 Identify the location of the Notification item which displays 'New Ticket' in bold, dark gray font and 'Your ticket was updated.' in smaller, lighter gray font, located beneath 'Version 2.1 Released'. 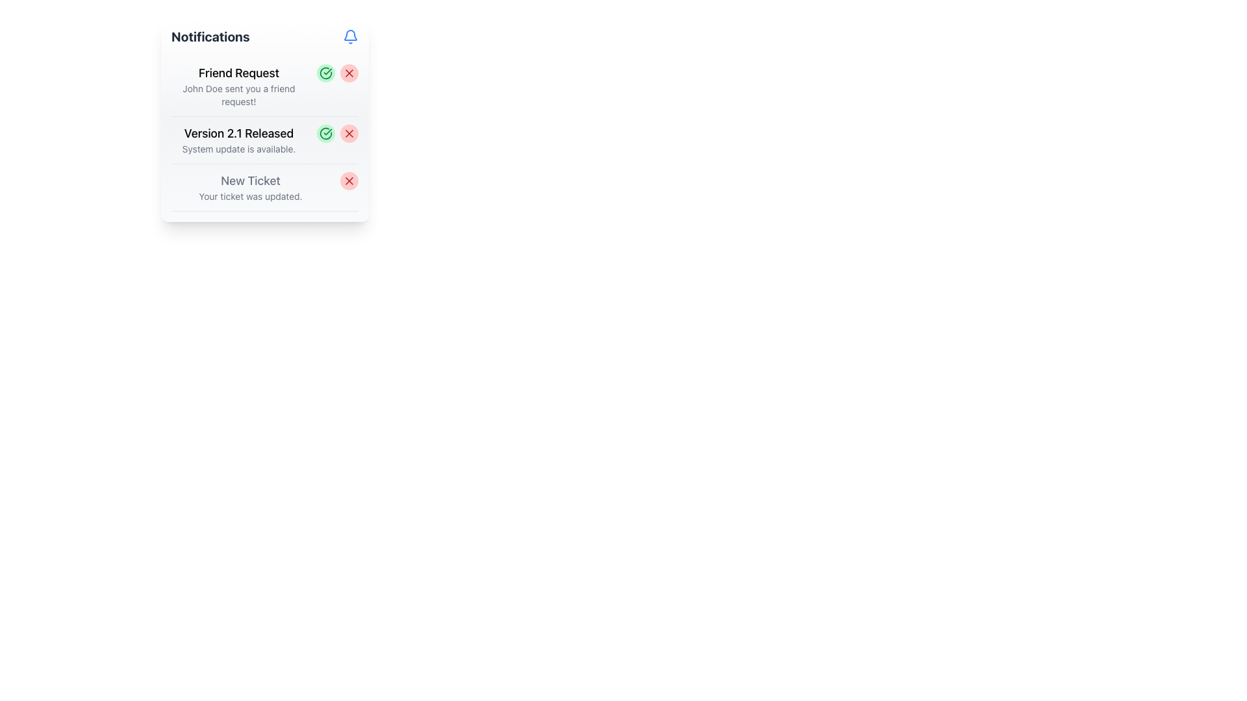
(250, 188).